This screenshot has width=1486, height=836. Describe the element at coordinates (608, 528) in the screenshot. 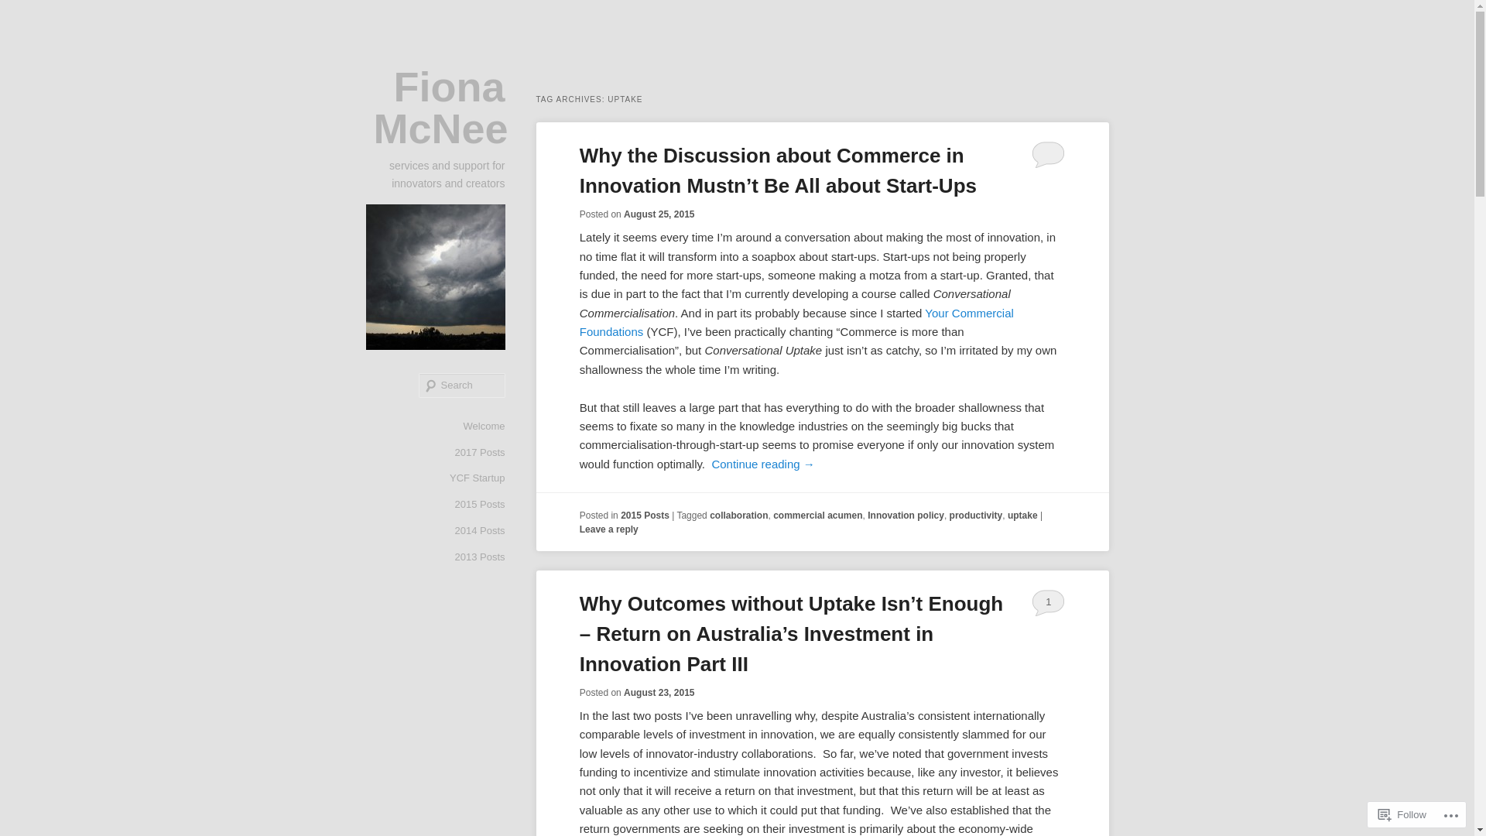

I see `'Leave a reply'` at that location.